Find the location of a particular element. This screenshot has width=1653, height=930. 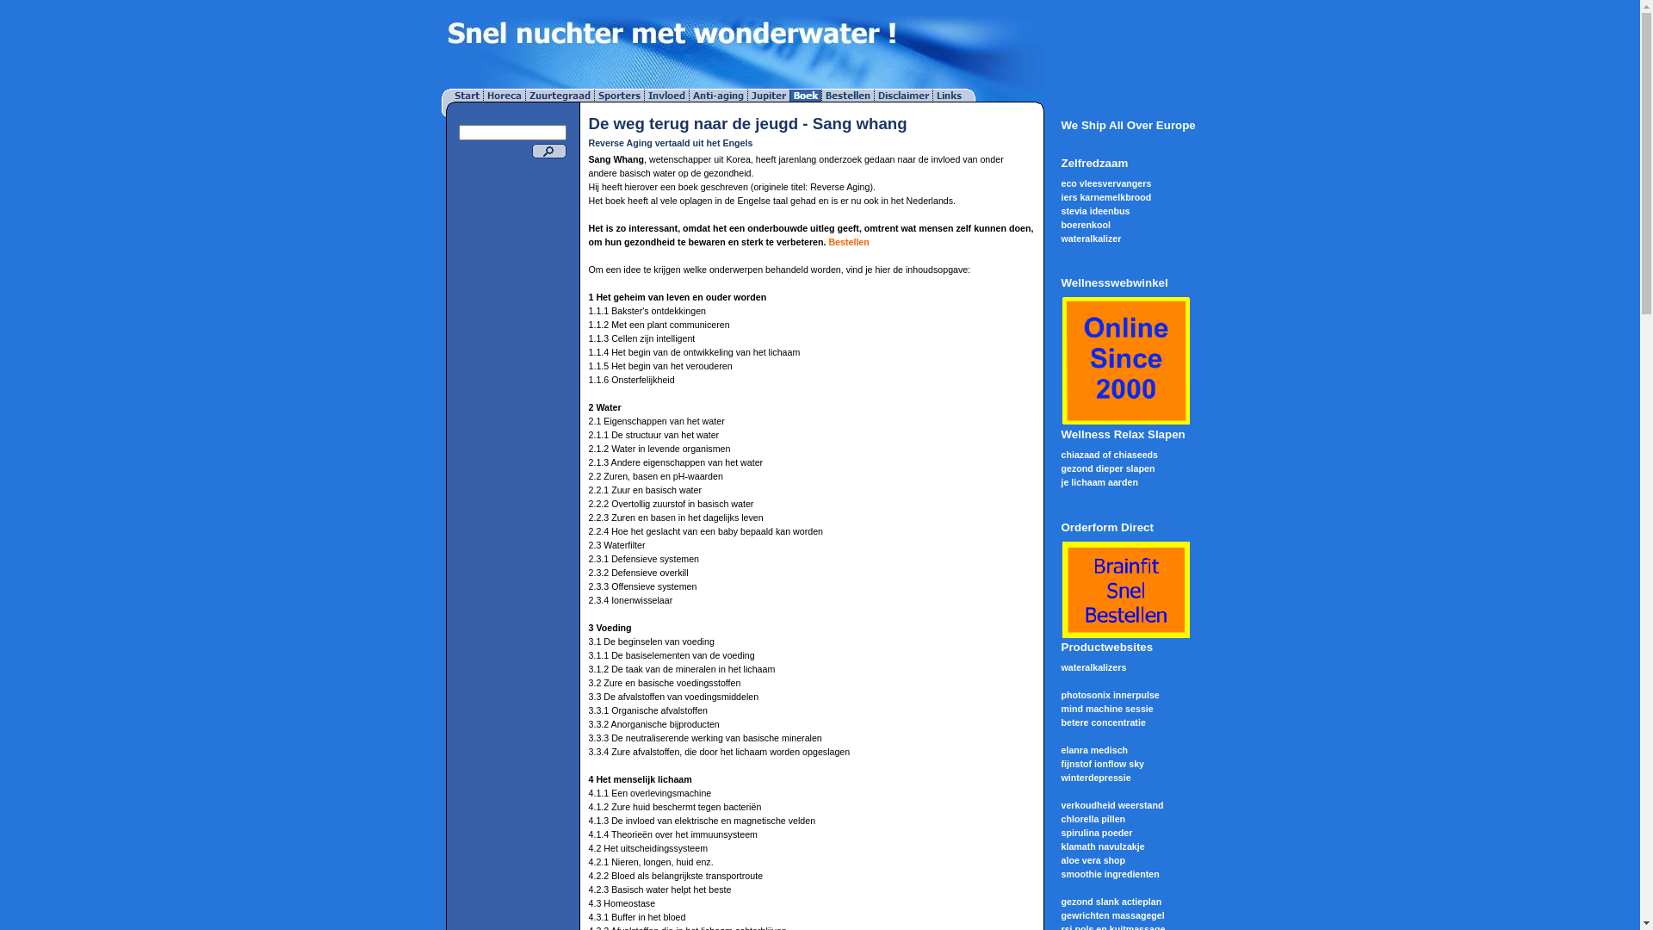

'klamath navulzakje' is located at coordinates (1102, 846).